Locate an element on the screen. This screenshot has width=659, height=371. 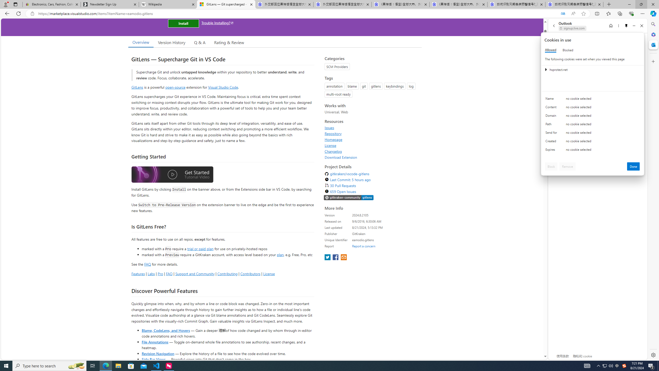
'Class: c0153 c0157 c0154' is located at coordinates (593, 100).